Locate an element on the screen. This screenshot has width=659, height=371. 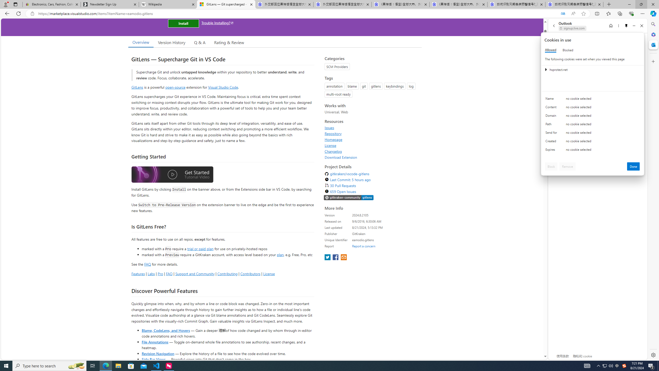
'Class: c0153 c0157 c0154' is located at coordinates (593, 100).